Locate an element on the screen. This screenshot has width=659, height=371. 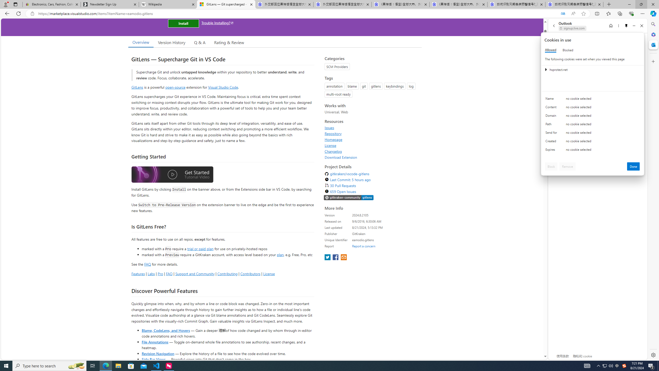
'Class: c0153 c0157 c0154' is located at coordinates (593, 100).